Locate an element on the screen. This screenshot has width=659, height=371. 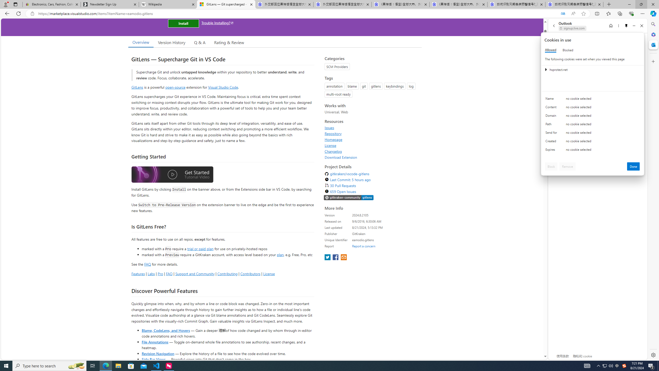
'Class: c0153 c0157 c0154' is located at coordinates (593, 100).